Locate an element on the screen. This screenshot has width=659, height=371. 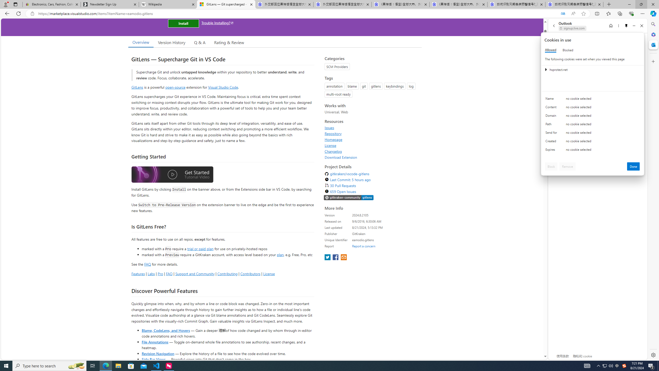
'Class: c0153 c0157 c0154' is located at coordinates (593, 100).